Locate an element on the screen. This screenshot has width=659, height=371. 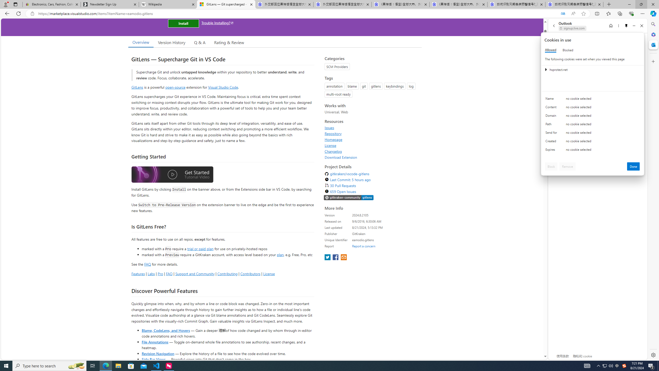
'Class: c0153 c0157 c0154' is located at coordinates (593, 100).